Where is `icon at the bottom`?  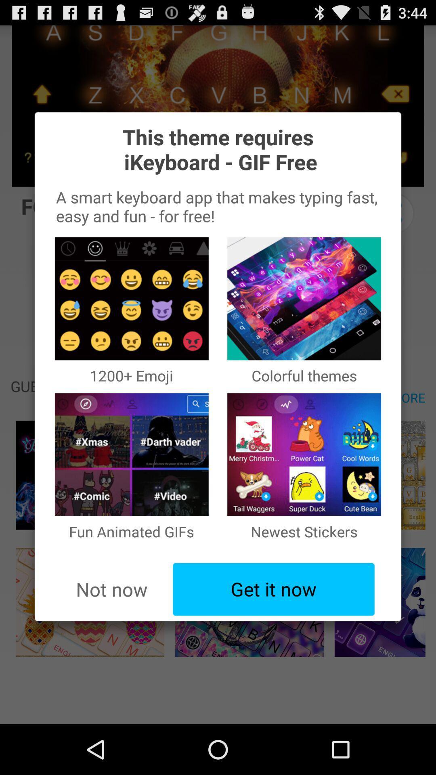
icon at the bottom is located at coordinates (273, 589).